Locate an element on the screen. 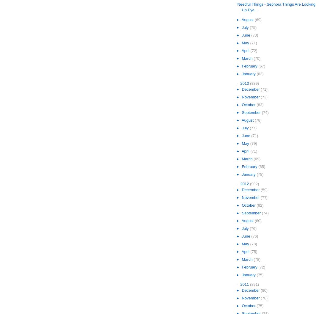  '2012' is located at coordinates (245, 183).